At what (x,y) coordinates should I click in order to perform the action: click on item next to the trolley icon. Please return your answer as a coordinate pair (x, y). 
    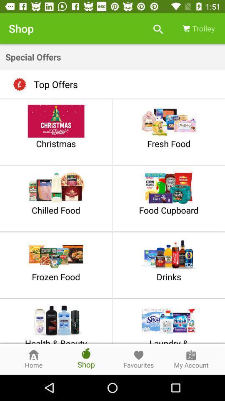
    Looking at the image, I should click on (158, 28).